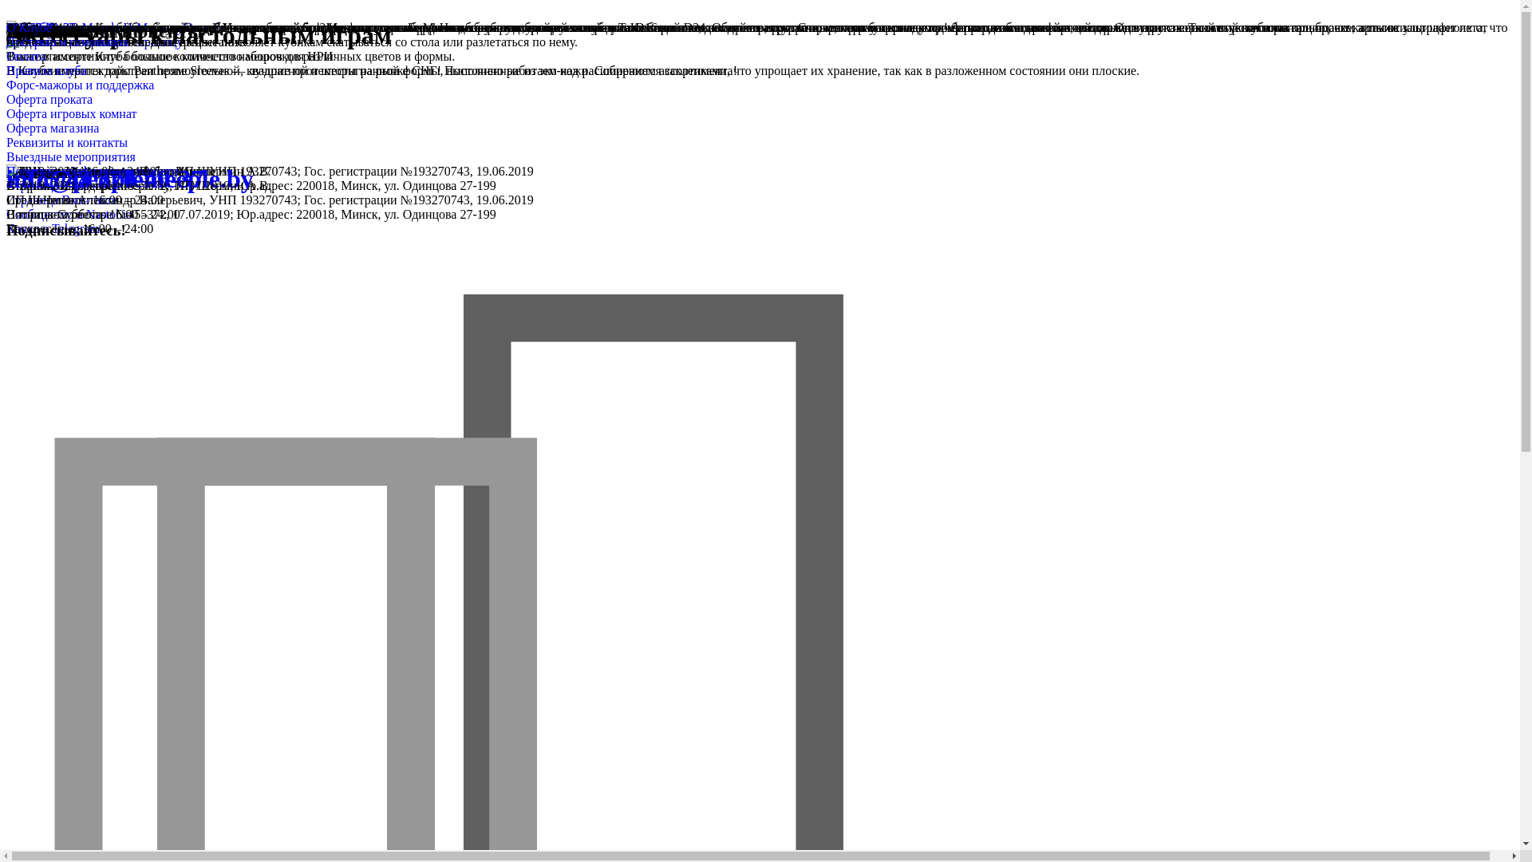 The width and height of the screenshot is (1532, 862). Describe the element at coordinates (130, 178) in the screenshot. I see `'info@peoplemeeple.by'` at that location.